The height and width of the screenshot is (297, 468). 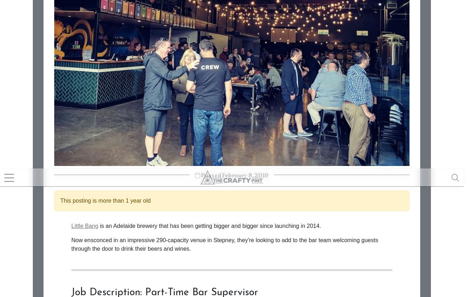 What do you see at coordinates (162, 48) in the screenshot?
I see `'Ability to manage intoxicated and sometimes disorderly people.'` at bounding box center [162, 48].